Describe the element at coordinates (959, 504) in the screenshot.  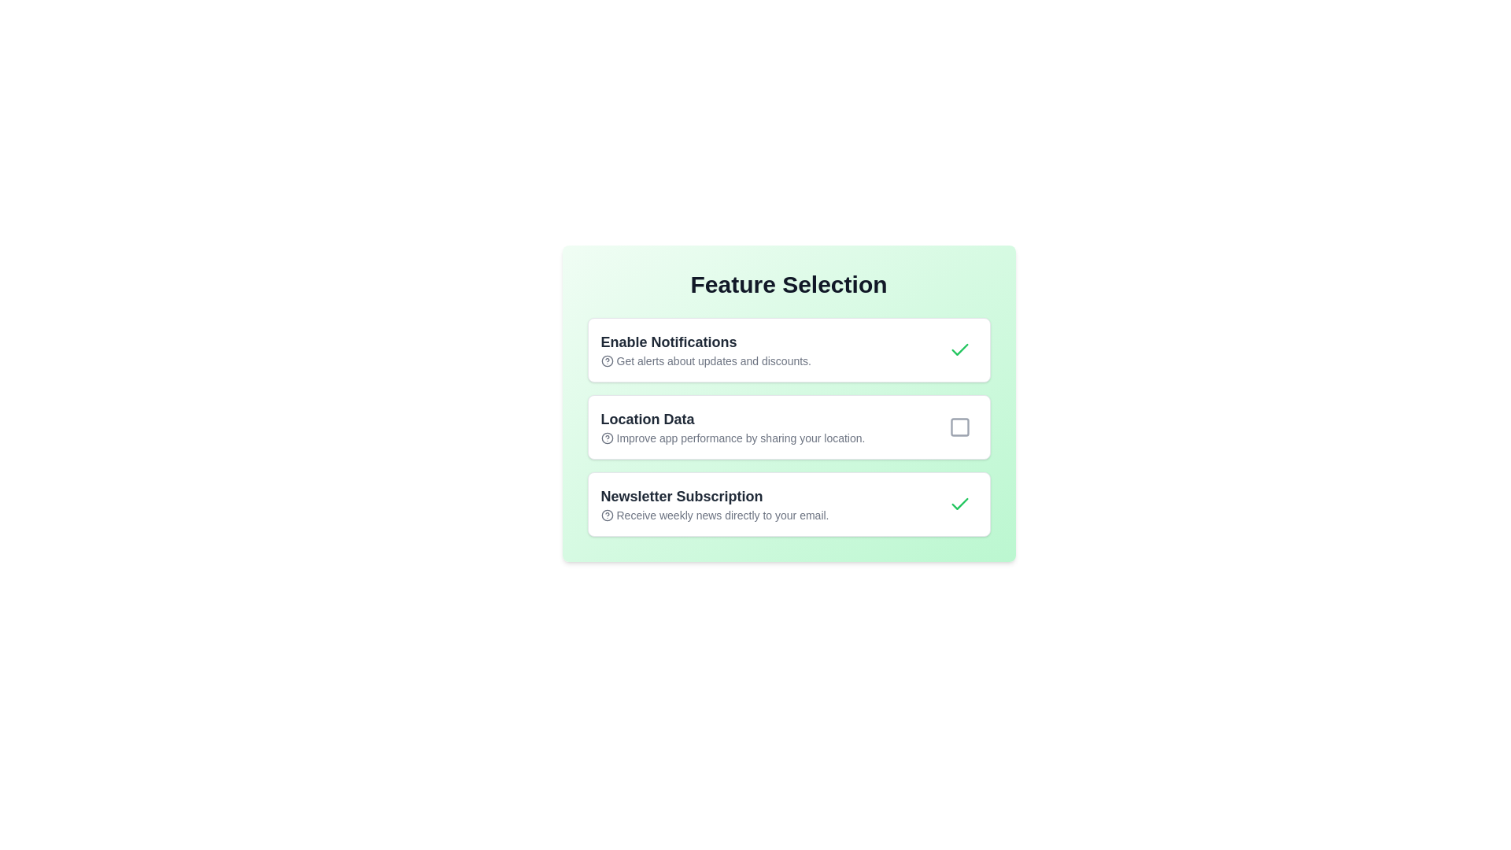
I see `the button that toggles the newsletter subscription, located across from the 'Newsletter Subscription' text` at that location.